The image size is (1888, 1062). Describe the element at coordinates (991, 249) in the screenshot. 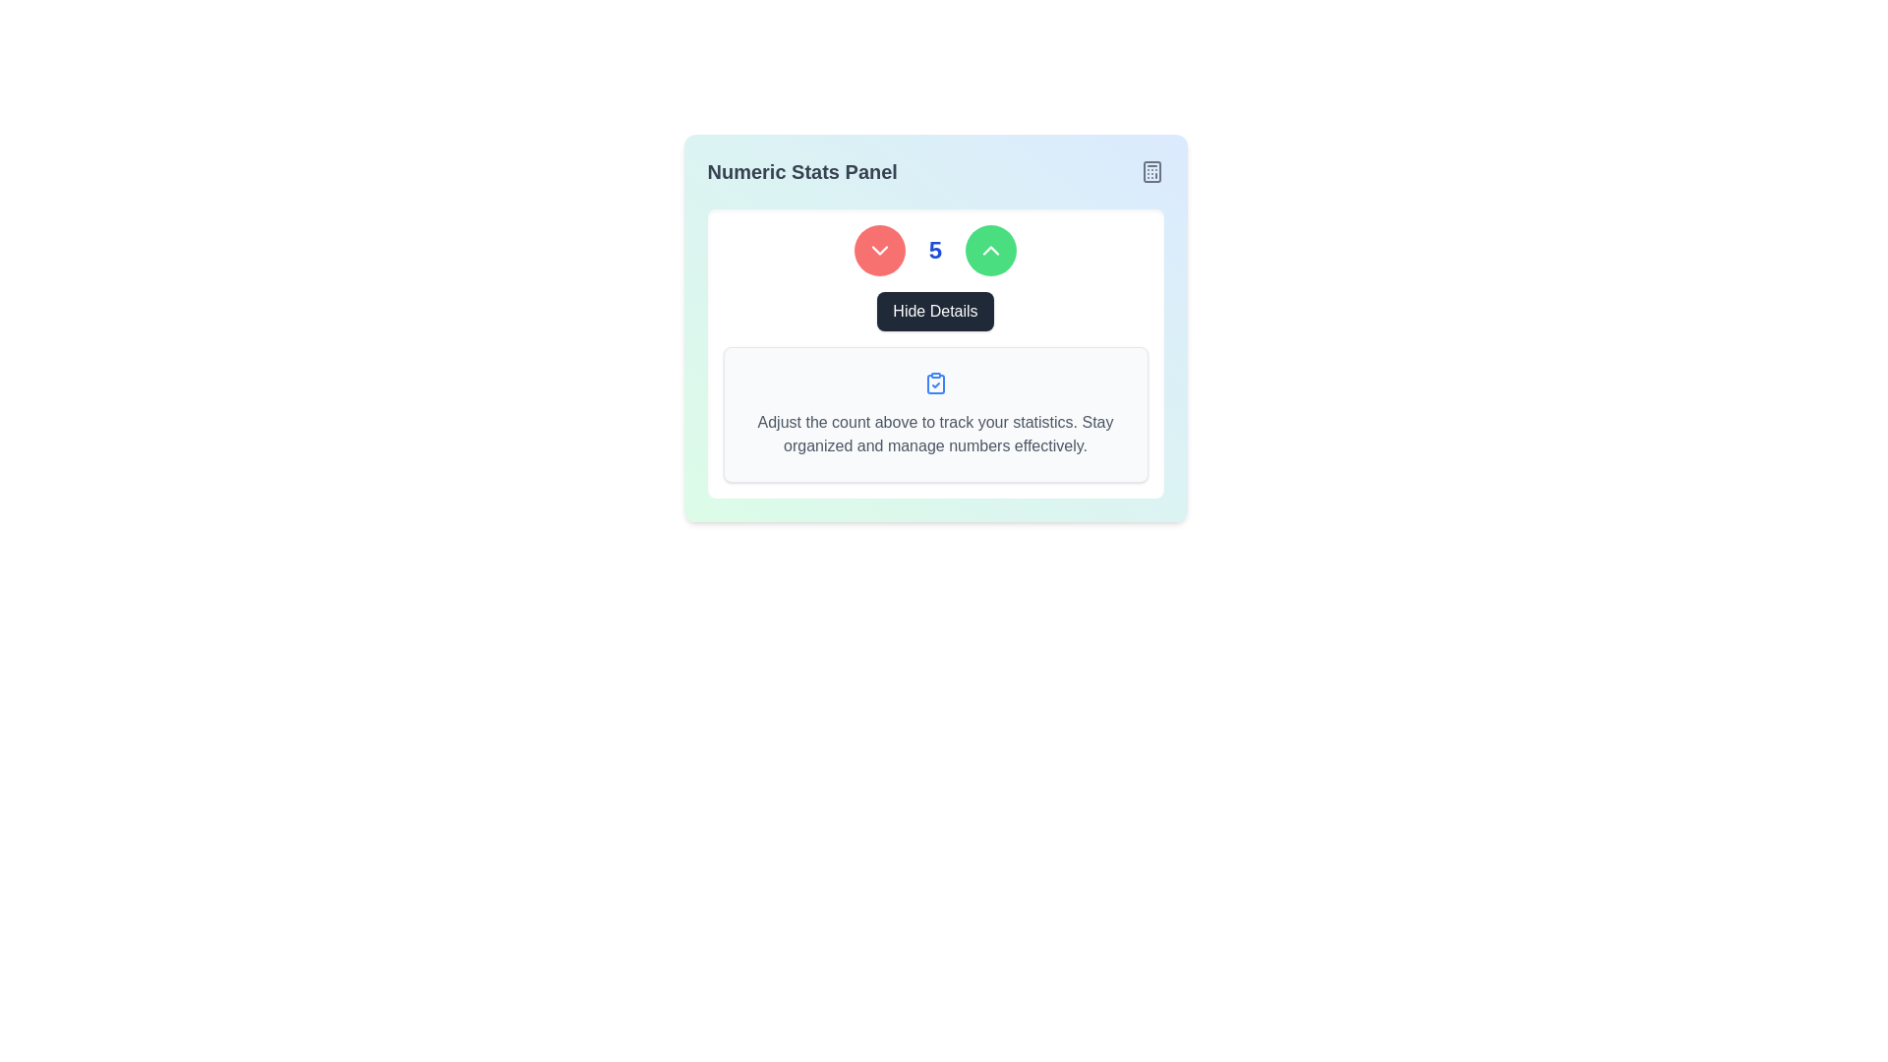

I see `the green circular button containing the icon that increments the numeric value displayed next to it` at that location.